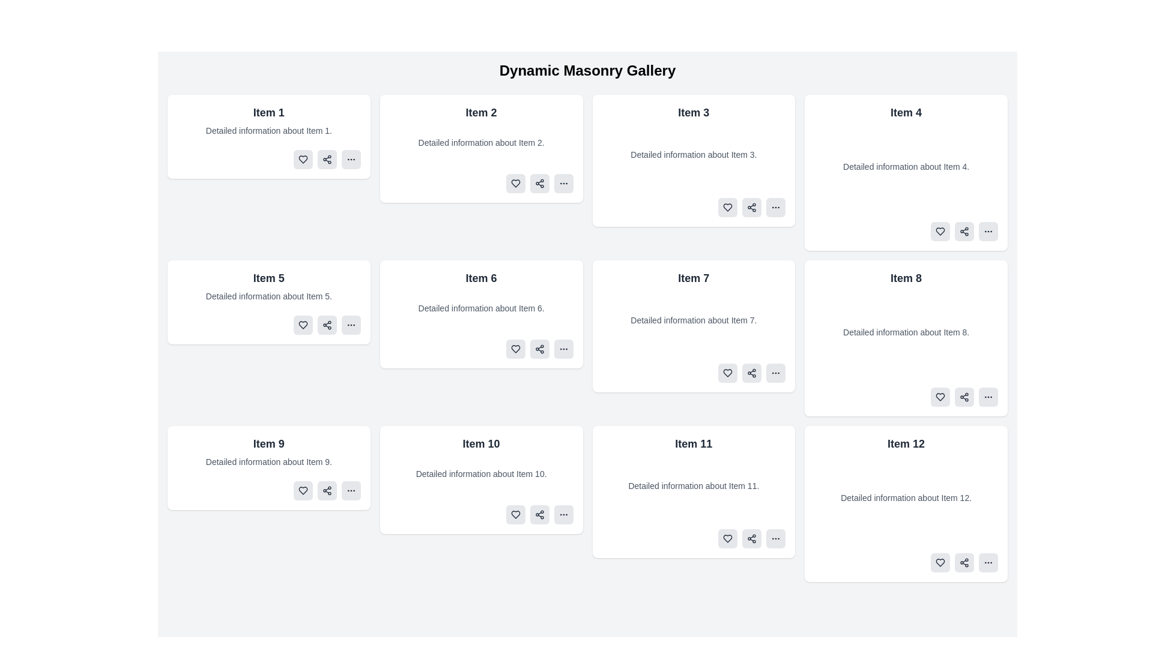 The image size is (1153, 648). I want to click on the heart-shaped icon on the bottom row of icons for 'Item 2' in the dynamic masonry gallery to mark the item as a favorite, so click(515, 183).